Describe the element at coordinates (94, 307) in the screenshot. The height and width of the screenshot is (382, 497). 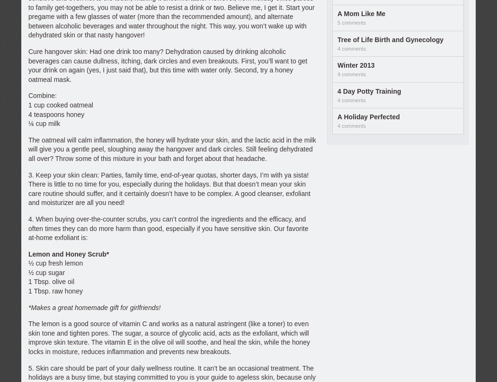
I see `'*Makes a great homemade gift for girlfriends!'` at that location.